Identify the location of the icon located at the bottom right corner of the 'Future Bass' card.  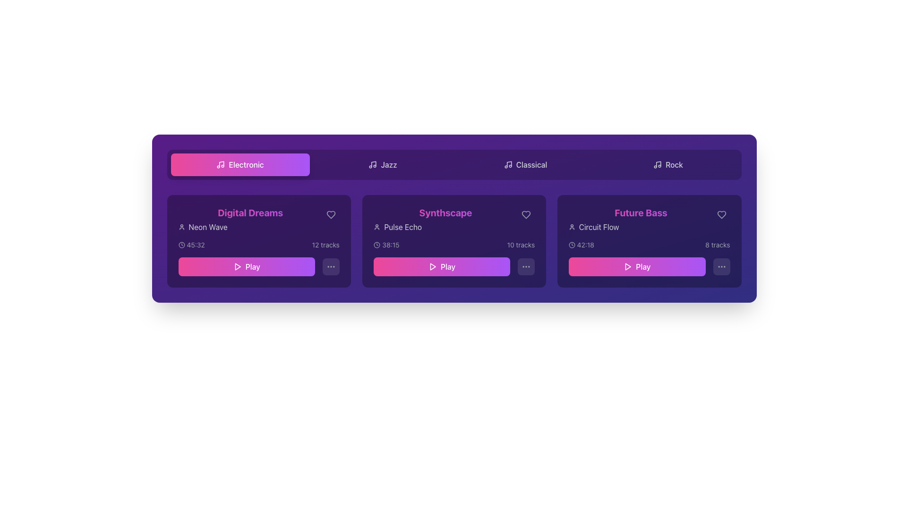
(721, 266).